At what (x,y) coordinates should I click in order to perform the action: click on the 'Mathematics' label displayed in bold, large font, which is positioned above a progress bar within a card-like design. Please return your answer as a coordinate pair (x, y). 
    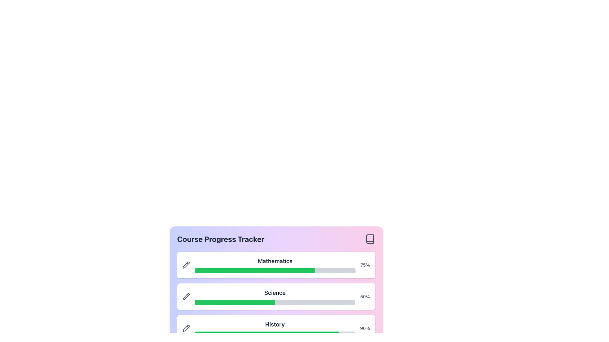
    Looking at the image, I should click on (275, 265).